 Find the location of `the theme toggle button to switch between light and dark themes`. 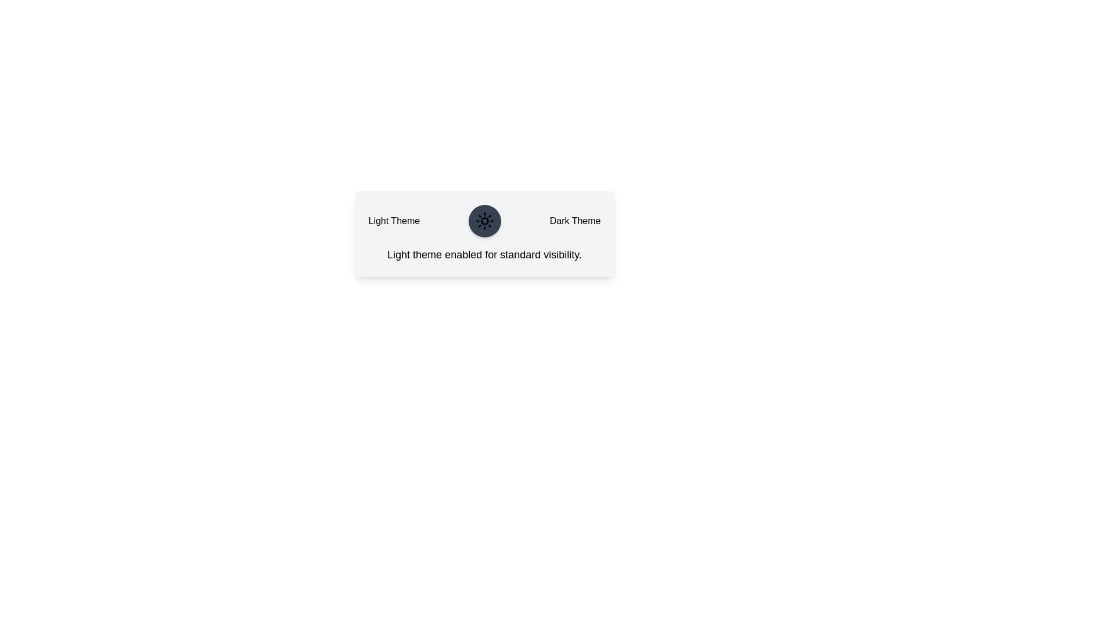

the theme toggle button to switch between light and dark themes is located at coordinates (484, 221).